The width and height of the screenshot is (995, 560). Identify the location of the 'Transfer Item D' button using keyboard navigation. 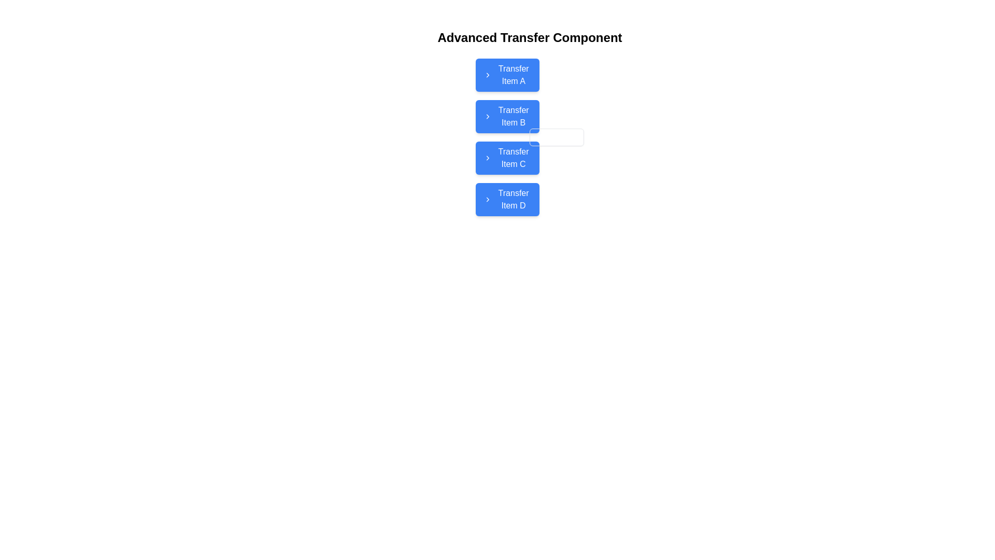
(507, 200).